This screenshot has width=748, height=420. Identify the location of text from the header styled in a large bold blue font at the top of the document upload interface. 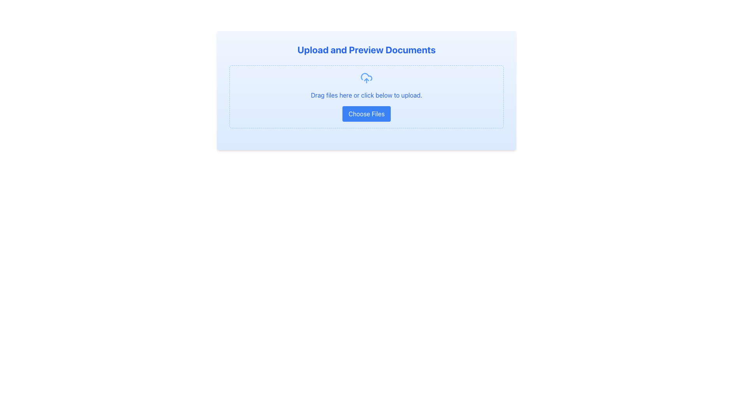
(366, 49).